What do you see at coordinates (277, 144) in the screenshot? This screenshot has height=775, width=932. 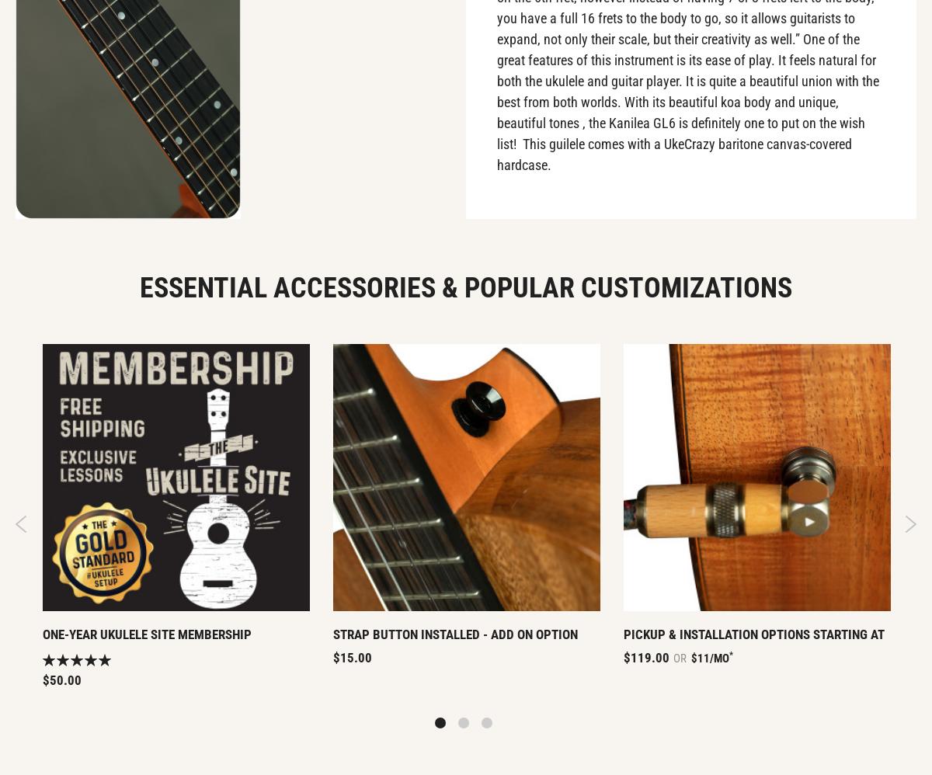 I see `'Products'` at bounding box center [277, 144].